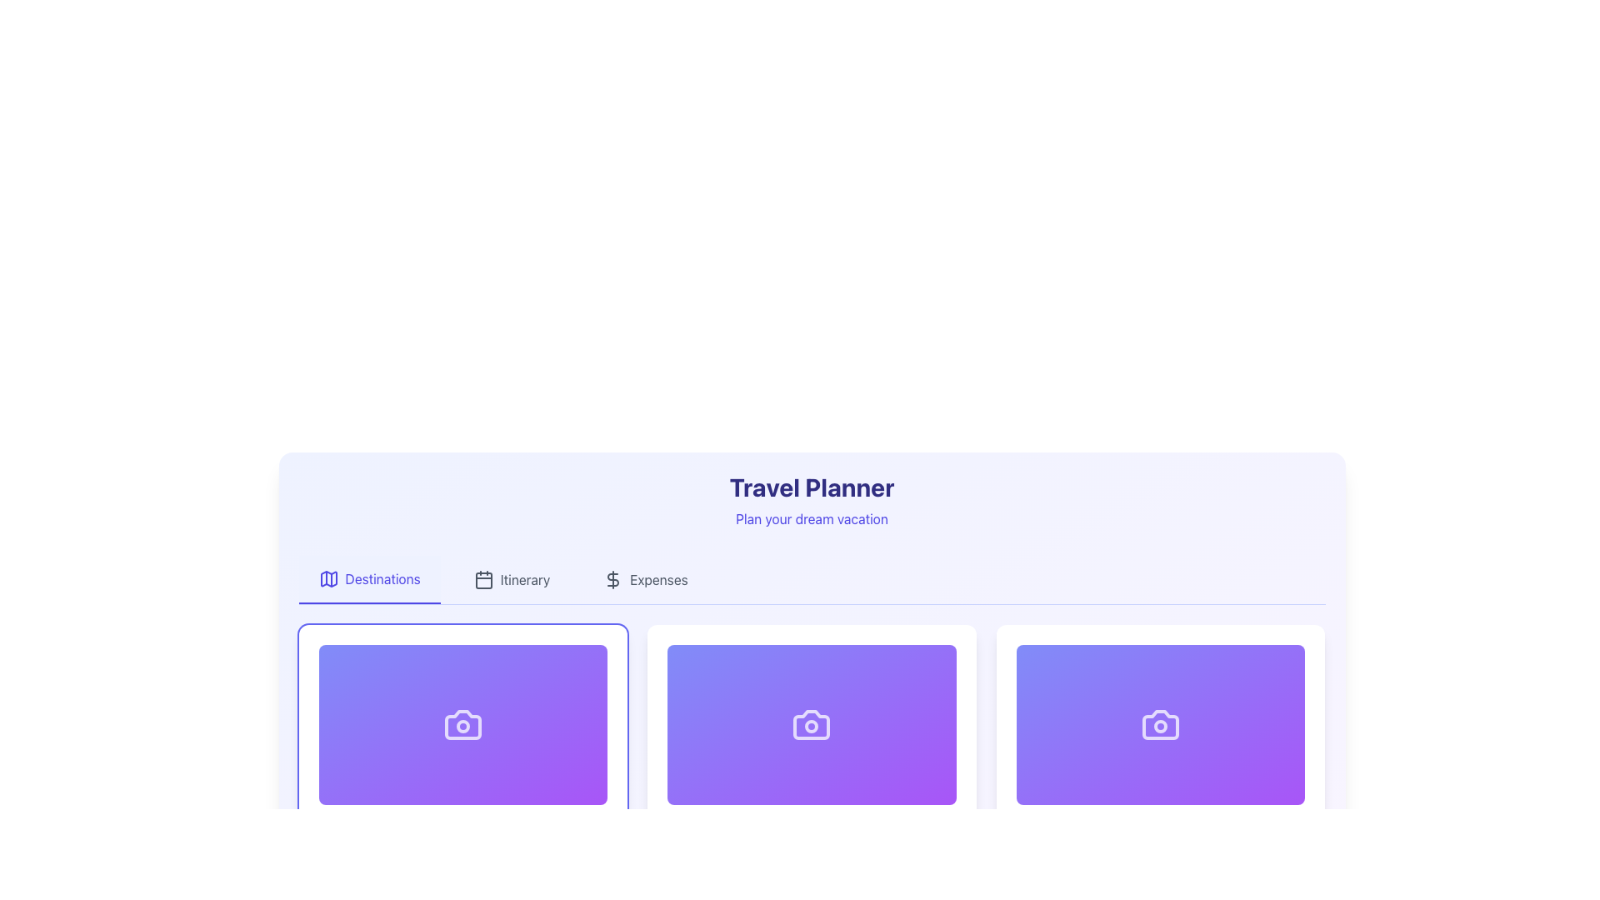 The image size is (1600, 900). I want to click on the camera icon located in the central area of the leftmost card, so click(462, 724).